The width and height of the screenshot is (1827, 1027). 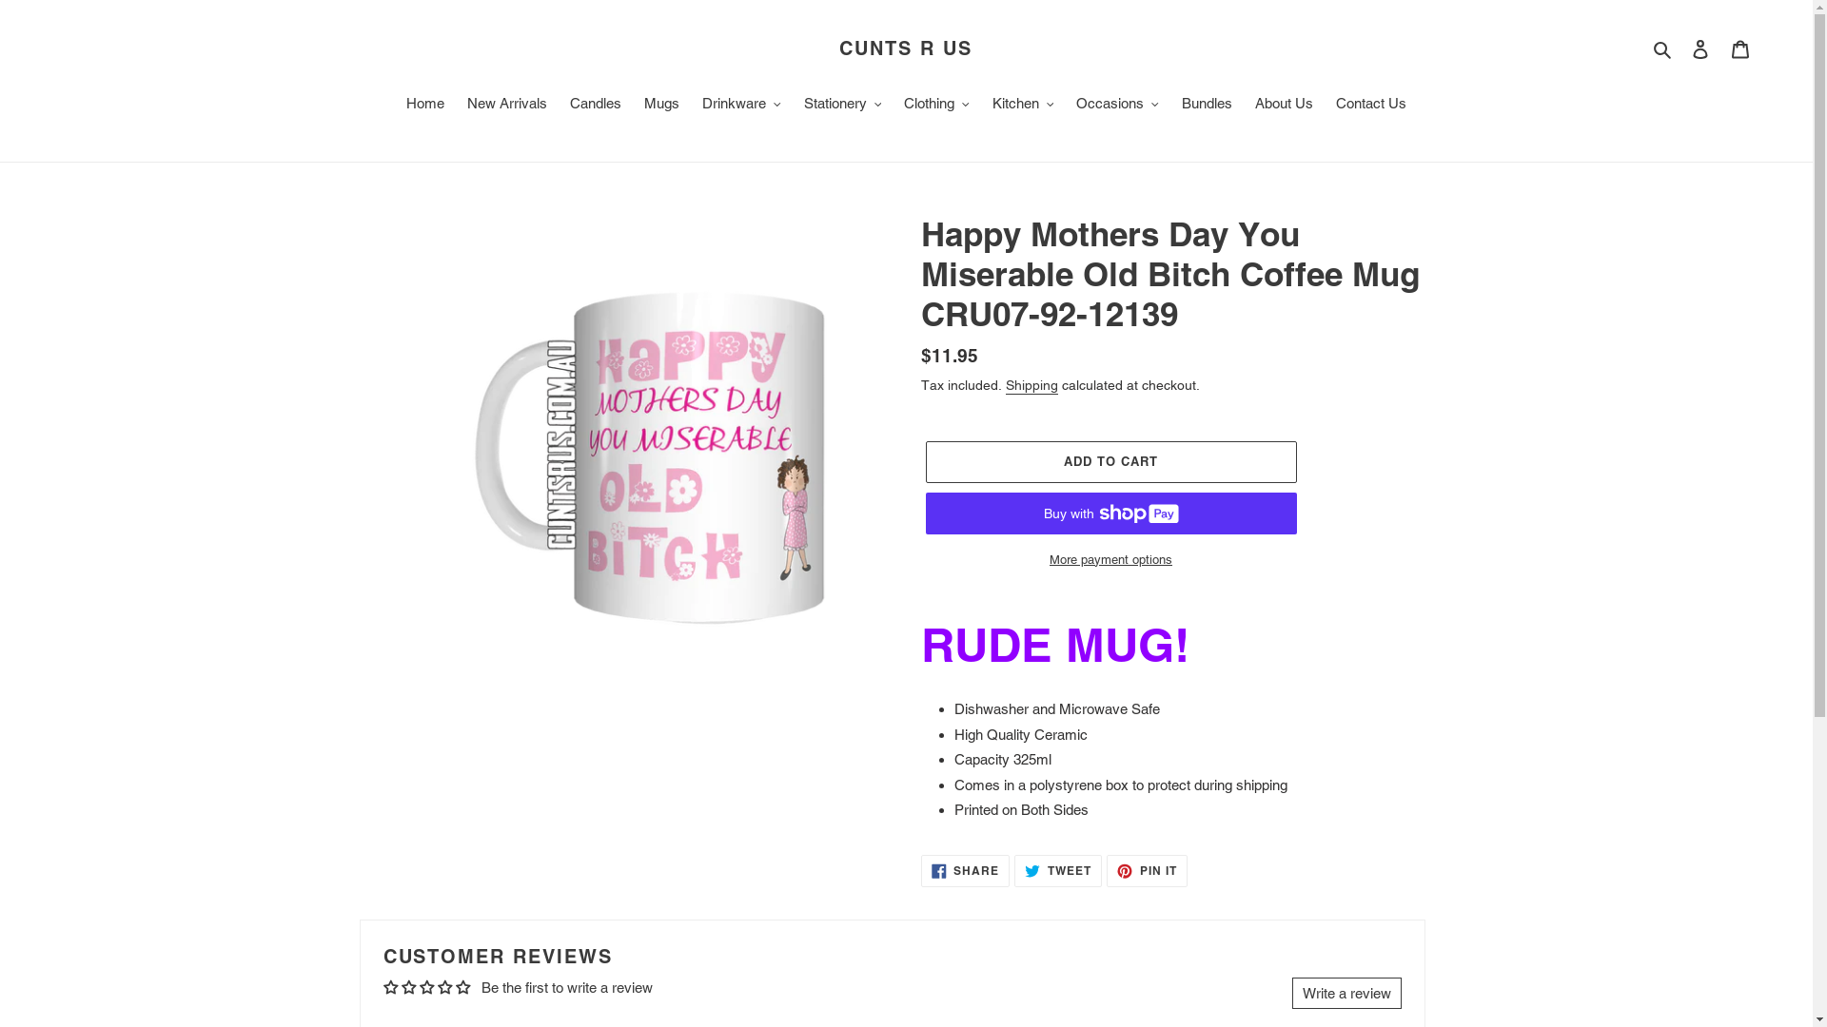 What do you see at coordinates (965, 870) in the screenshot?
I see `'SHARE` at bounding box center [965, 870].